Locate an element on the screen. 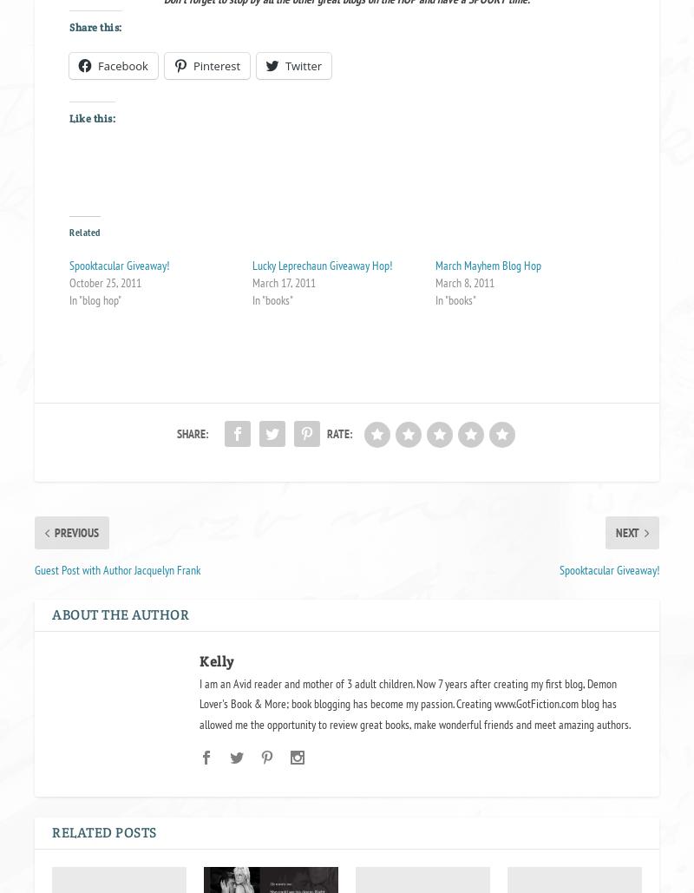 This screenshot has width=694, height=893. 'About The Author' is located at coordinates (121, 613).